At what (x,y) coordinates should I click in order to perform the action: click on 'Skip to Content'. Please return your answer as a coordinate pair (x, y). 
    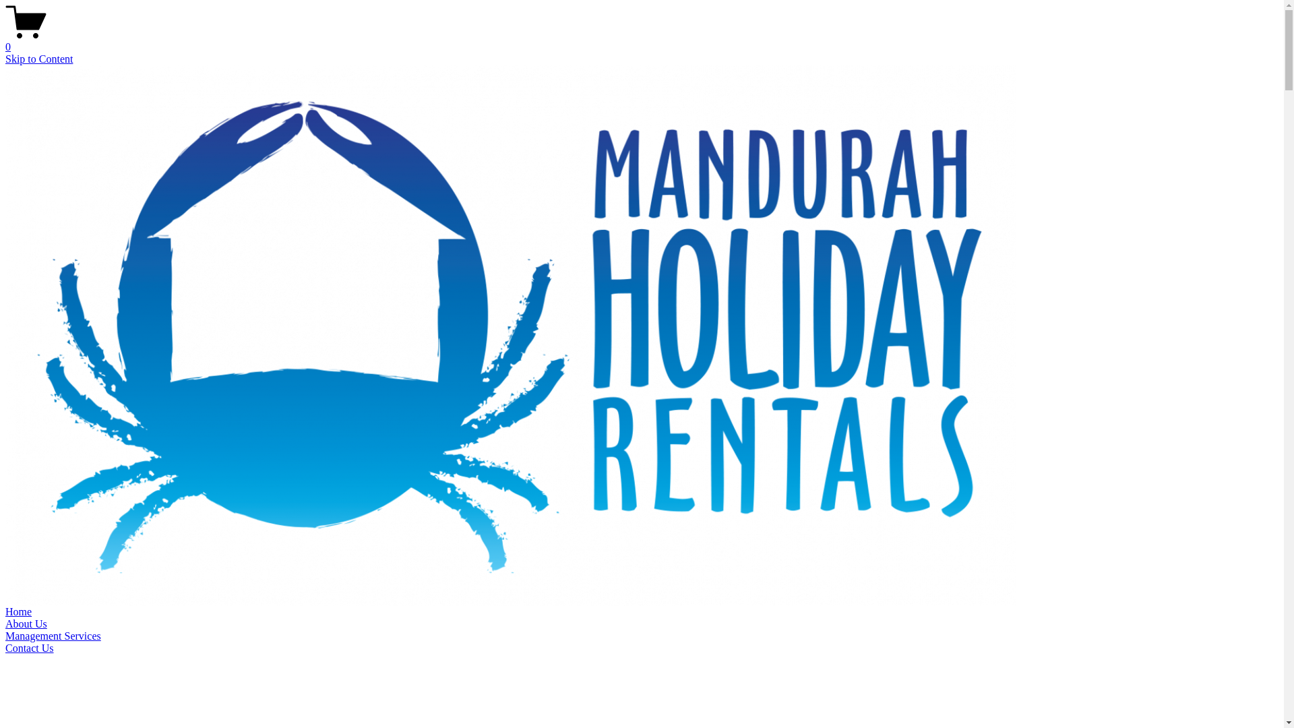
    Looking at the image, I should click on (38, 58).